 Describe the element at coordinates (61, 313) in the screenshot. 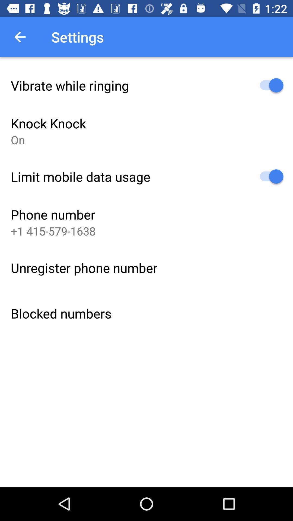

I see `the icon below the unregister phone number icon` at that location.